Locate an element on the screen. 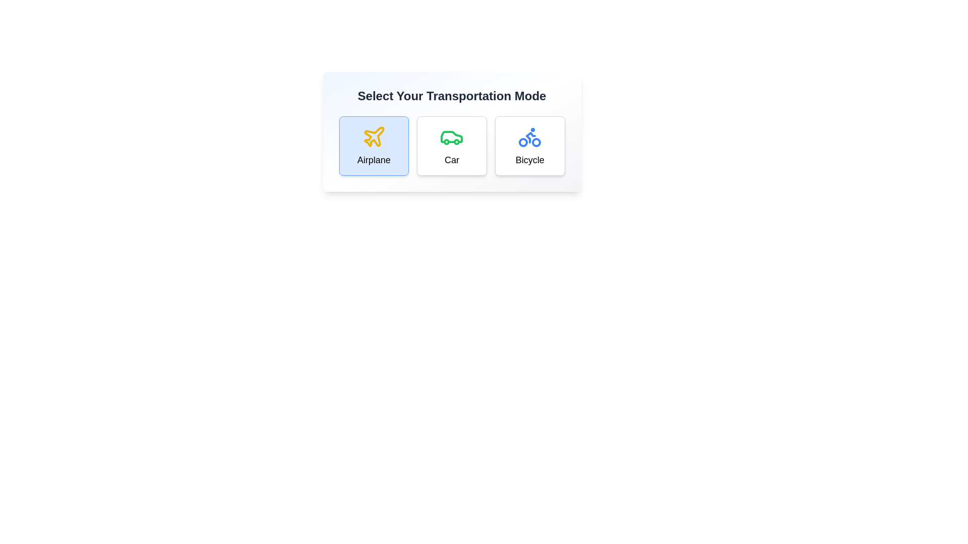 This screenshot has height=544, width=968. the 'Airplane' icon in the transportation mode selection interface, located under the title 'Select Your Transportation Mode' is located at coordinates (374, 137).